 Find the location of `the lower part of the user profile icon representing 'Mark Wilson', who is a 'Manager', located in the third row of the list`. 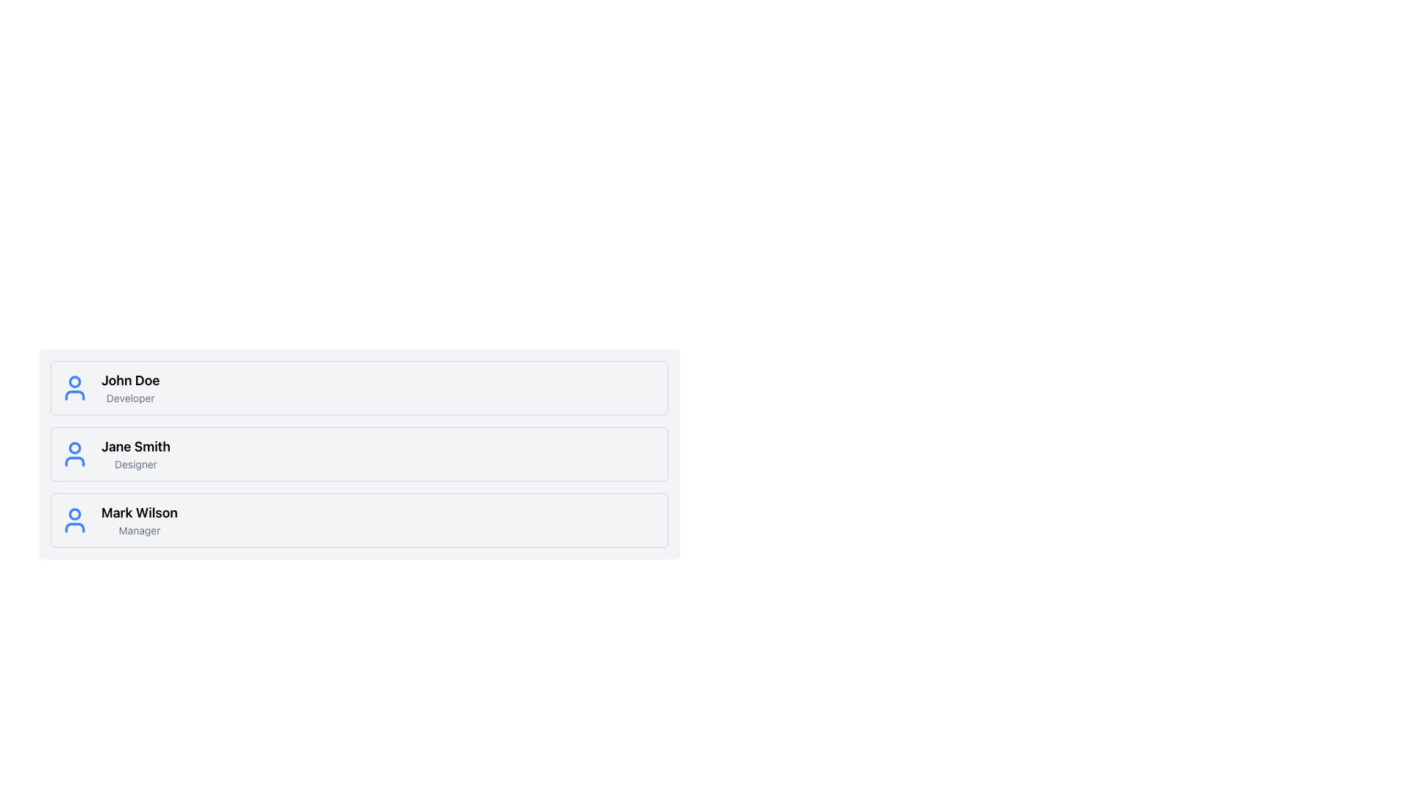

the lower part of the user profile icon representing 'Mark Wilson', who is a 'Manager', located in the third row of the list is located at coordinates (74, 526).